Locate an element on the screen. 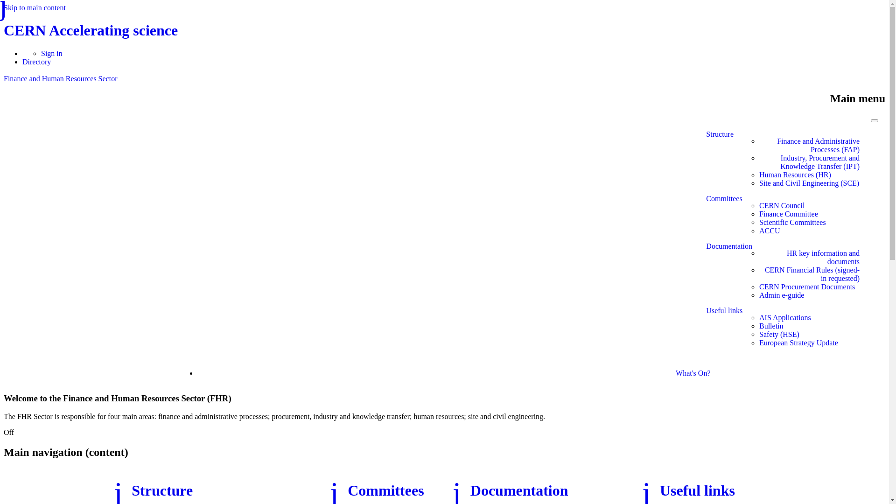  'What's On?' is located at coordinates (693, 372).